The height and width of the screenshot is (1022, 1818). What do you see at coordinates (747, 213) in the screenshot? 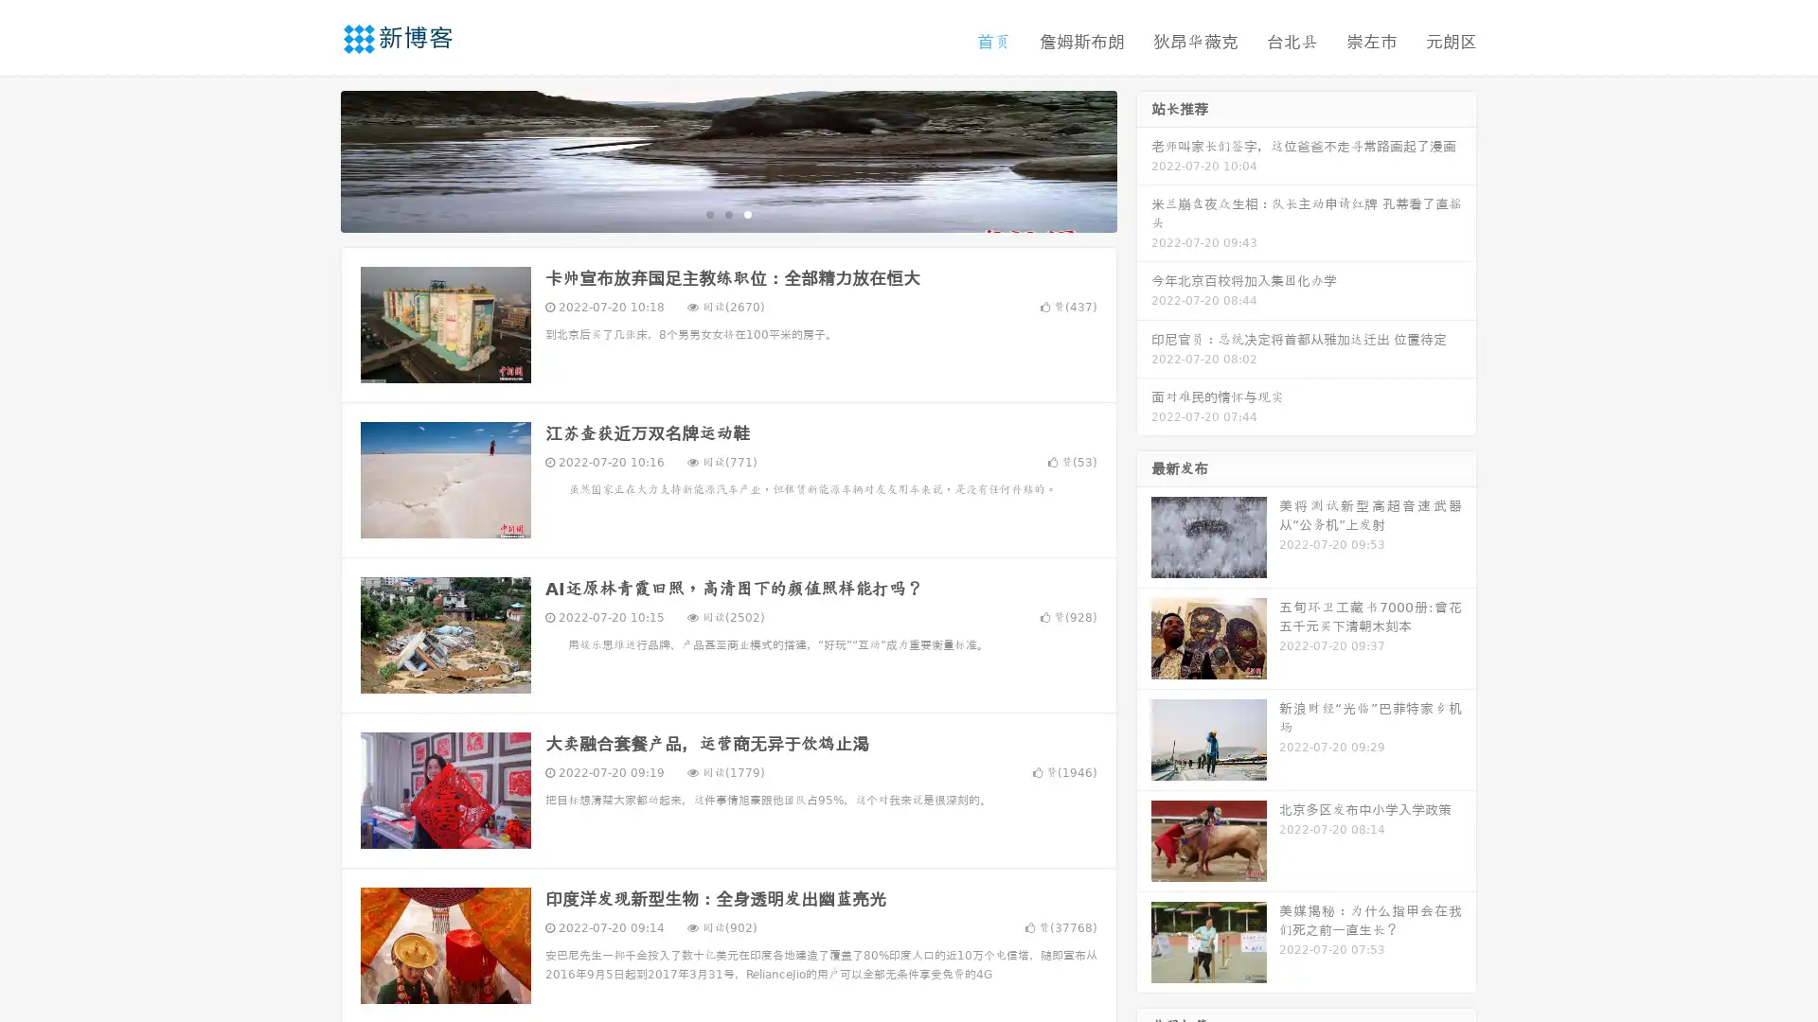
I see `Go to slide 3` at bounding box center [747, 213].